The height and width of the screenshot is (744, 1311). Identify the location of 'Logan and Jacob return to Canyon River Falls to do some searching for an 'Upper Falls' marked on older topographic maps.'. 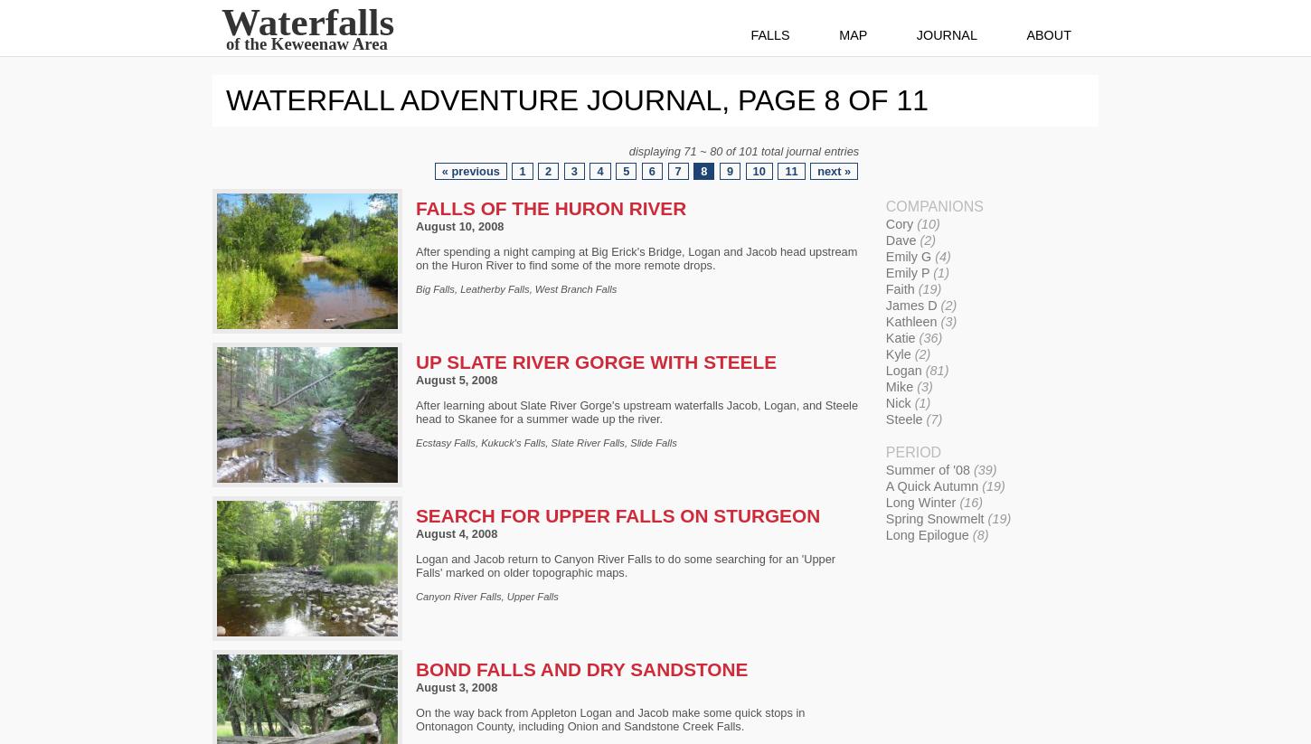
(414, 563).